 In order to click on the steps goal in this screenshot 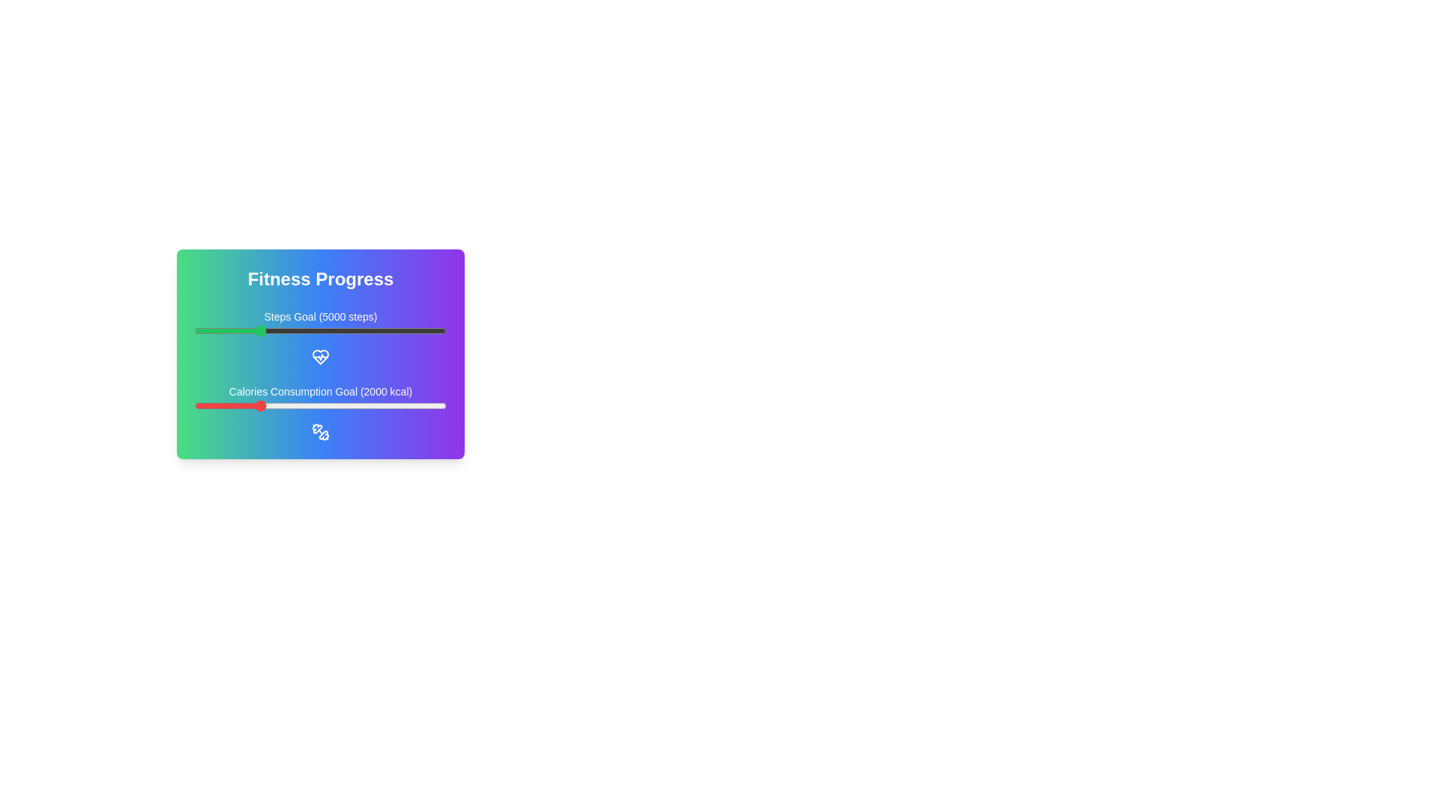, I will do `click(366, 330)`.